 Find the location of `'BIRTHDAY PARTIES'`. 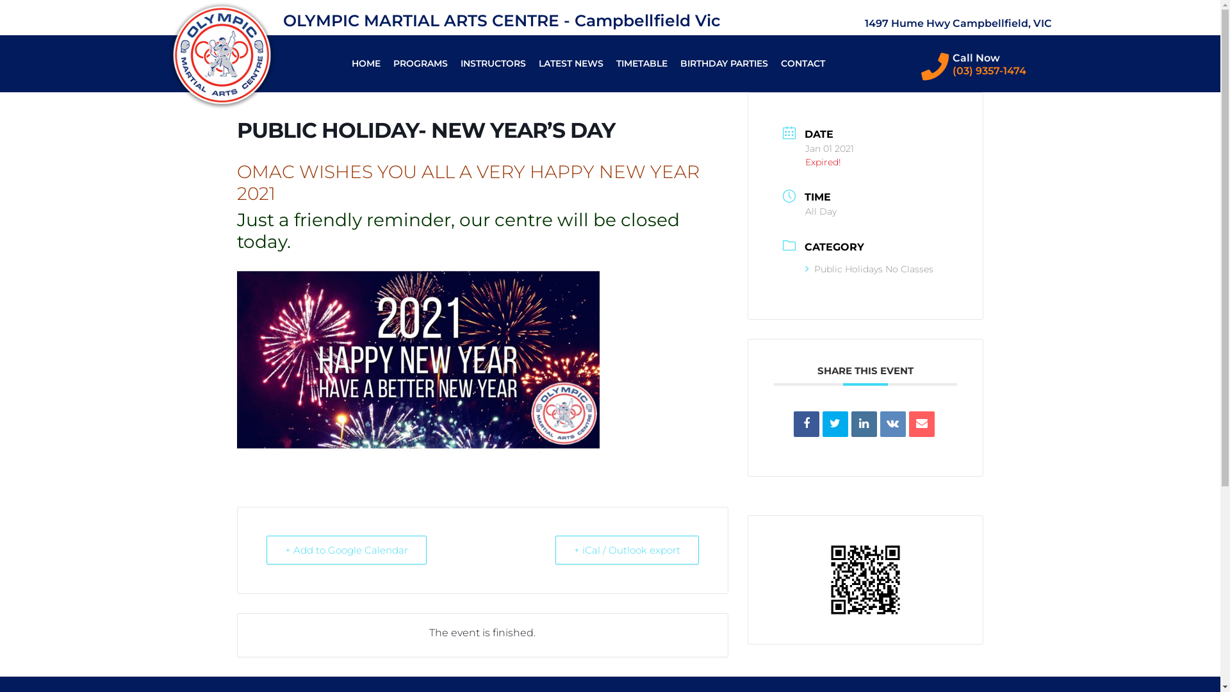

'BIRTHDAY PARTIES' is located at coordinates (673, 63).